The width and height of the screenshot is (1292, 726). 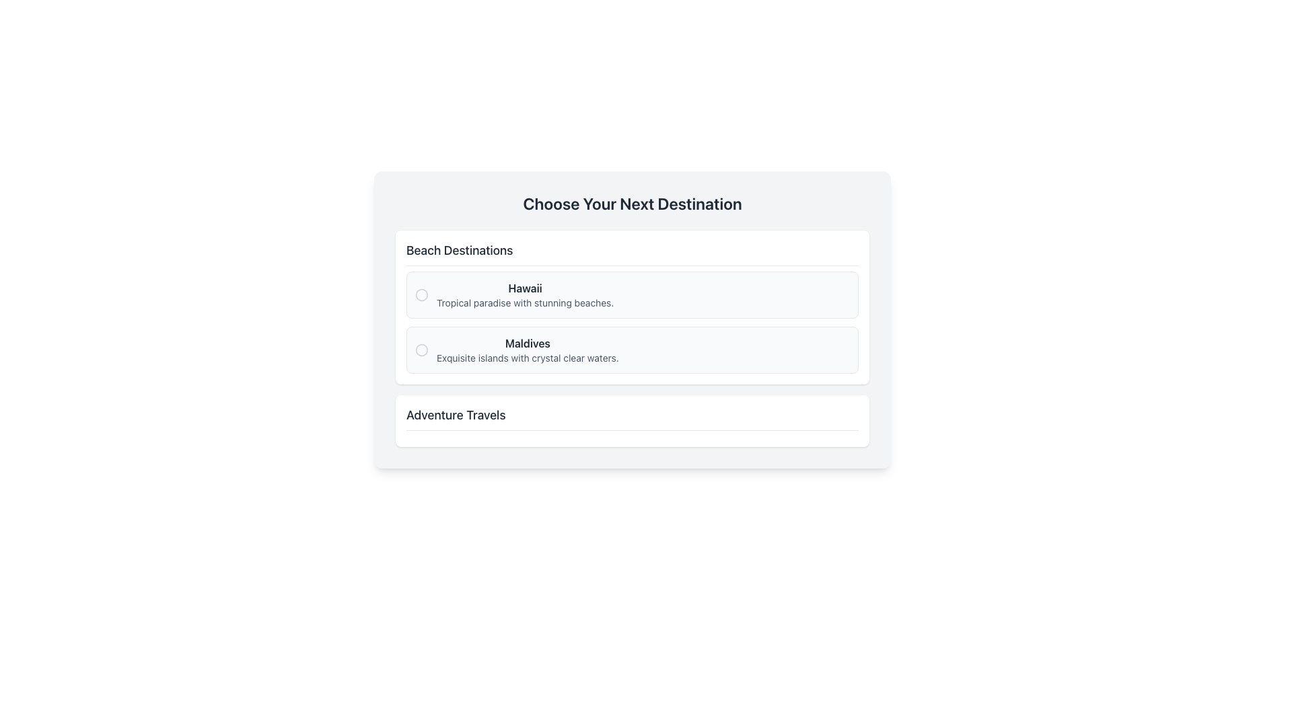 I want to click on the unselected radio button for the 'Maldives' option in the 'Beach Destinations' section, so click(x=421, y=349).